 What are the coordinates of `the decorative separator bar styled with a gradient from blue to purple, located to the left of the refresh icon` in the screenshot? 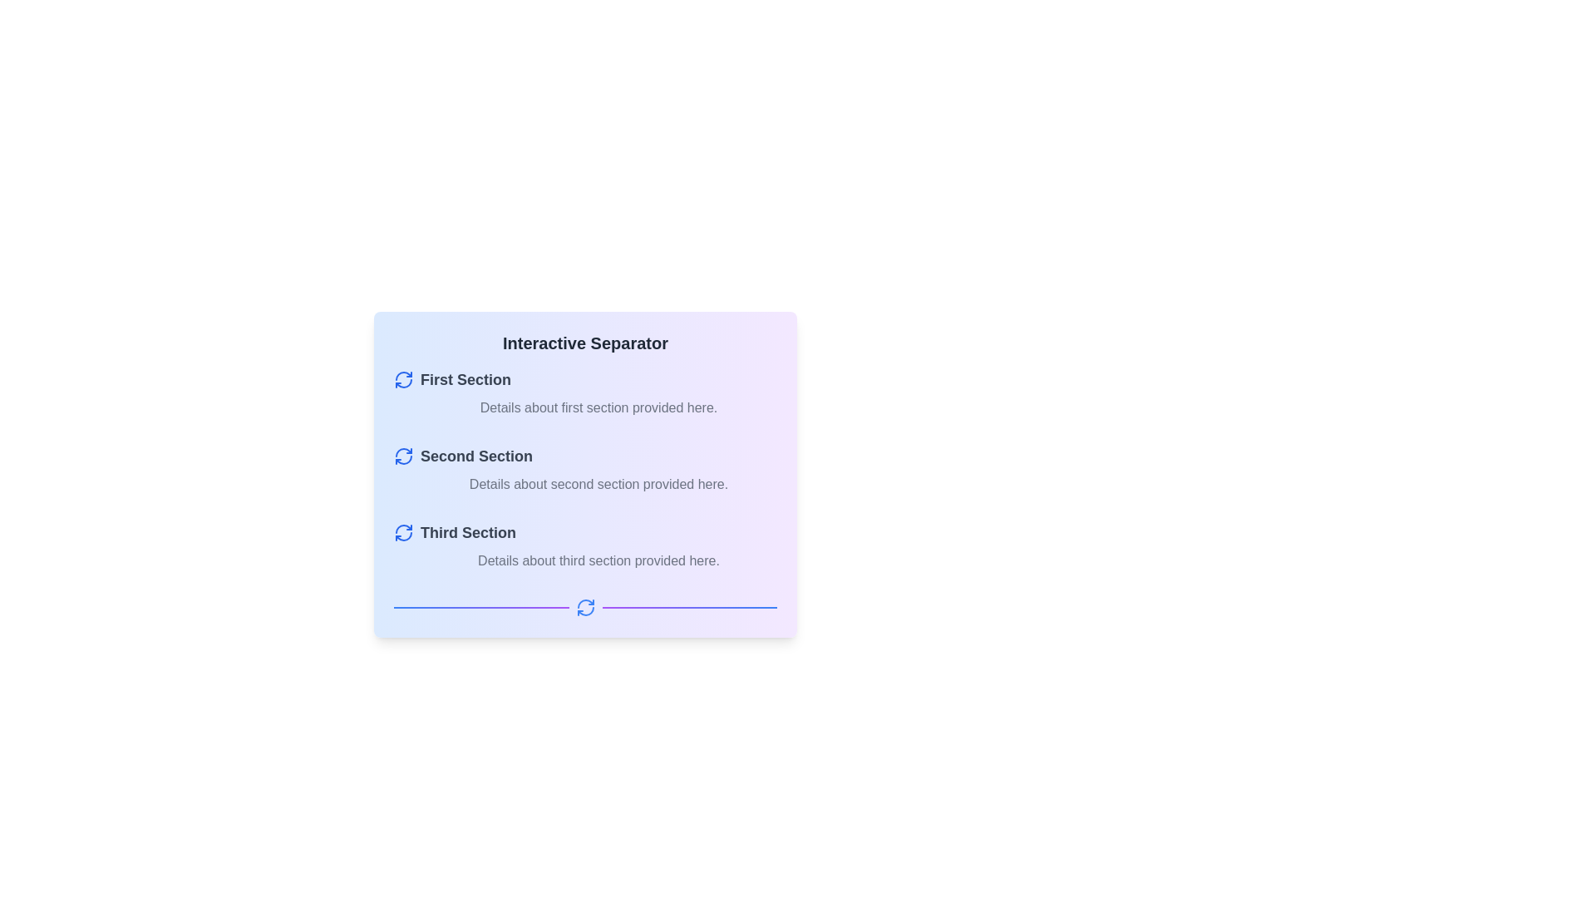 It's located at (480, 608).